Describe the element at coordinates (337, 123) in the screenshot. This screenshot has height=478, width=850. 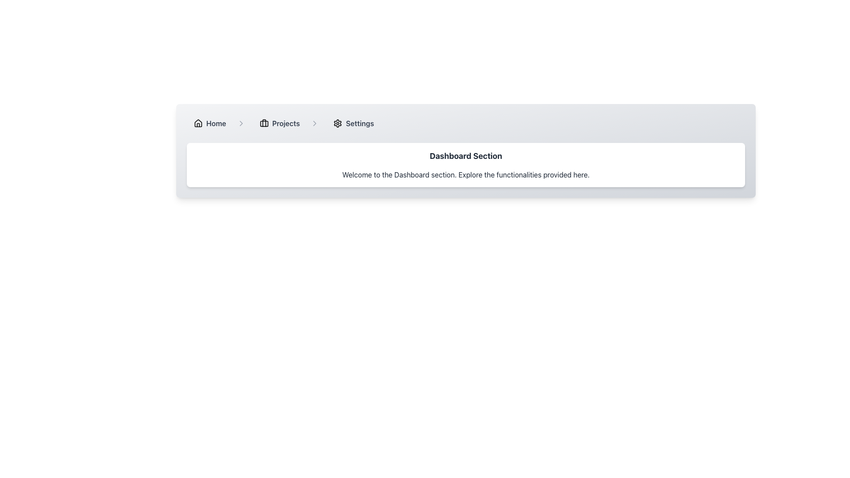
I see `the 'Settings' icon in the navigation menu bar` at that location.